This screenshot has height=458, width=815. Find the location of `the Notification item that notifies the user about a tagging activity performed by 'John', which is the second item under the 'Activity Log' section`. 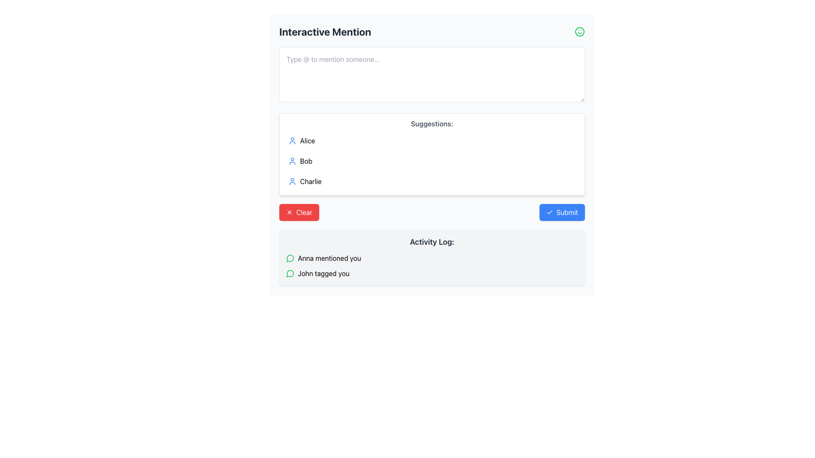

the Notification item that notifies the user about a tagging activity performed by 'John', which is the second item under the 'Activity Log' section is located at coordinates (432, 273).